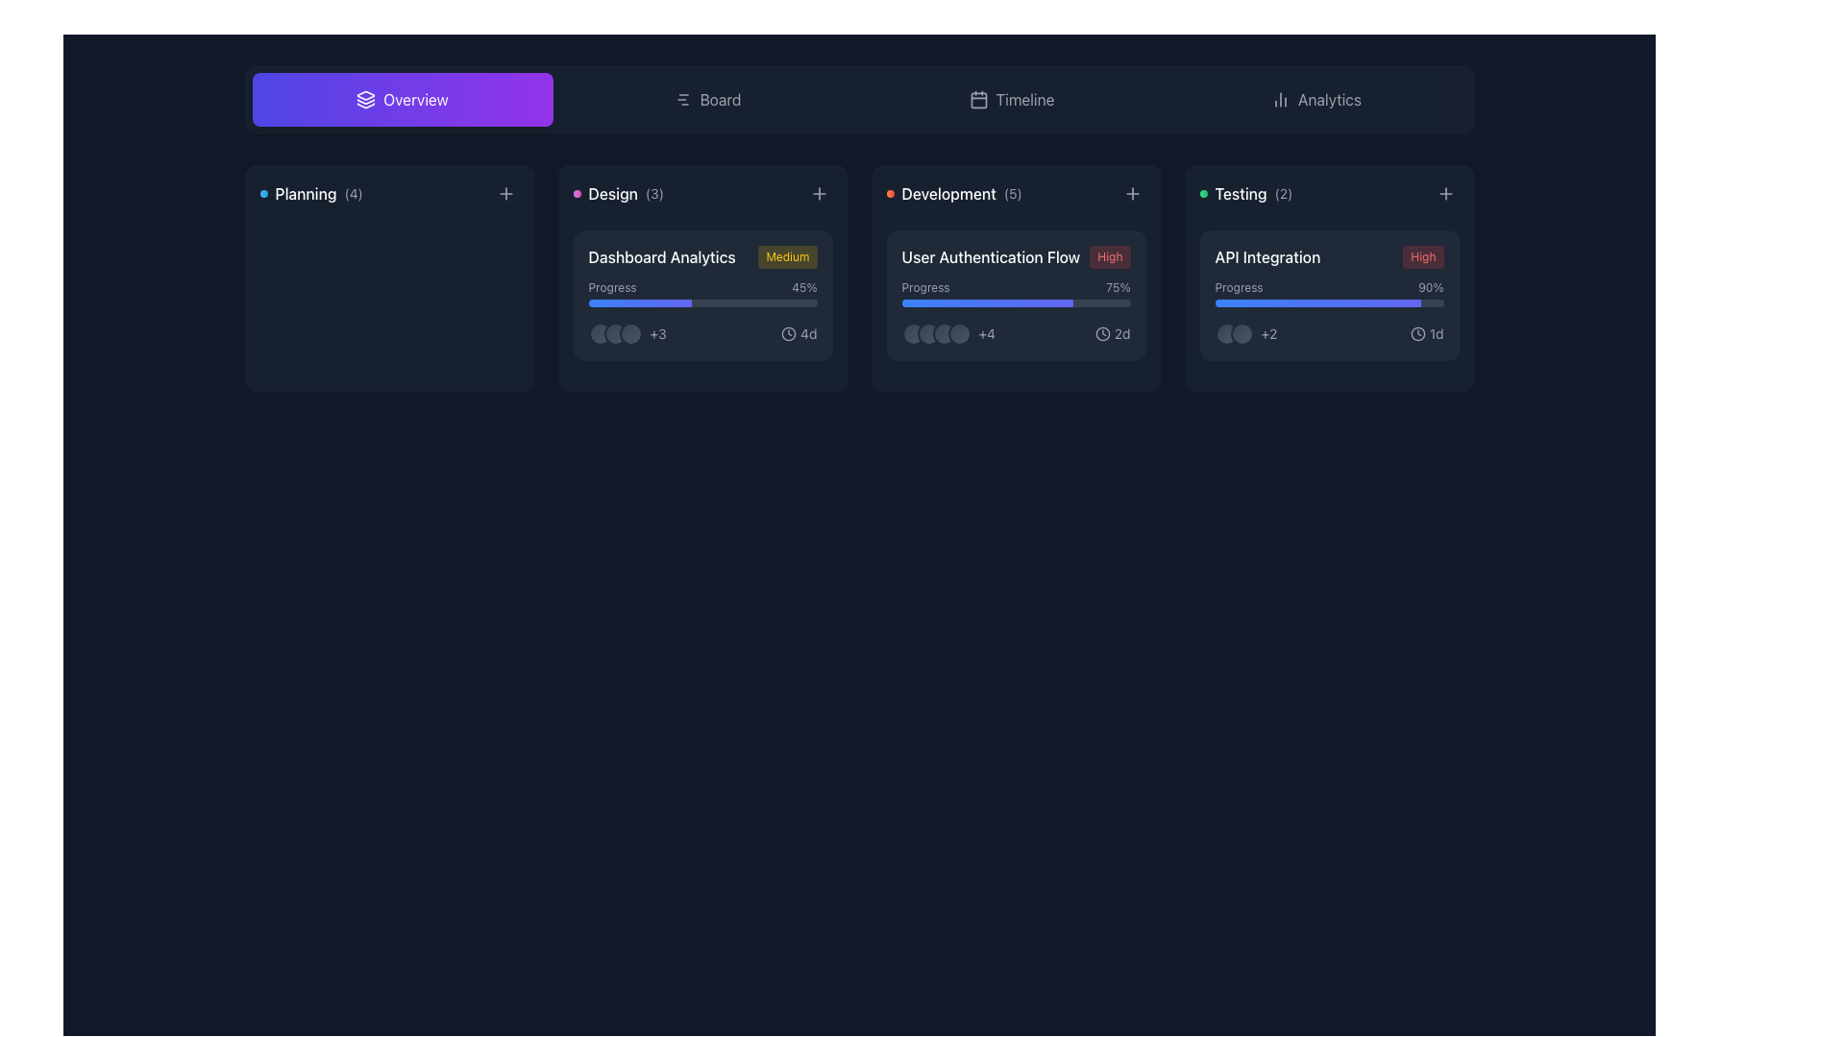 This screenshot has height=1037, width=1845. I want to click on text from the Label indicating 'User Authentication Flow' with a priority badge showing 'High' in red, located in the top-left corner of the 'Development' category card, so click(1015, 255).